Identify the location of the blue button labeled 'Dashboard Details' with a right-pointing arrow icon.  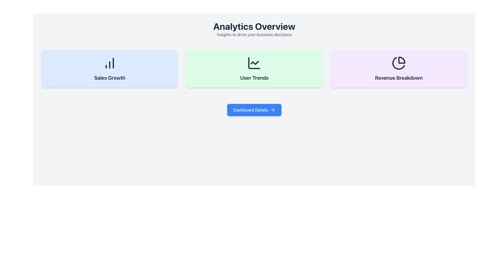
(254, 110).